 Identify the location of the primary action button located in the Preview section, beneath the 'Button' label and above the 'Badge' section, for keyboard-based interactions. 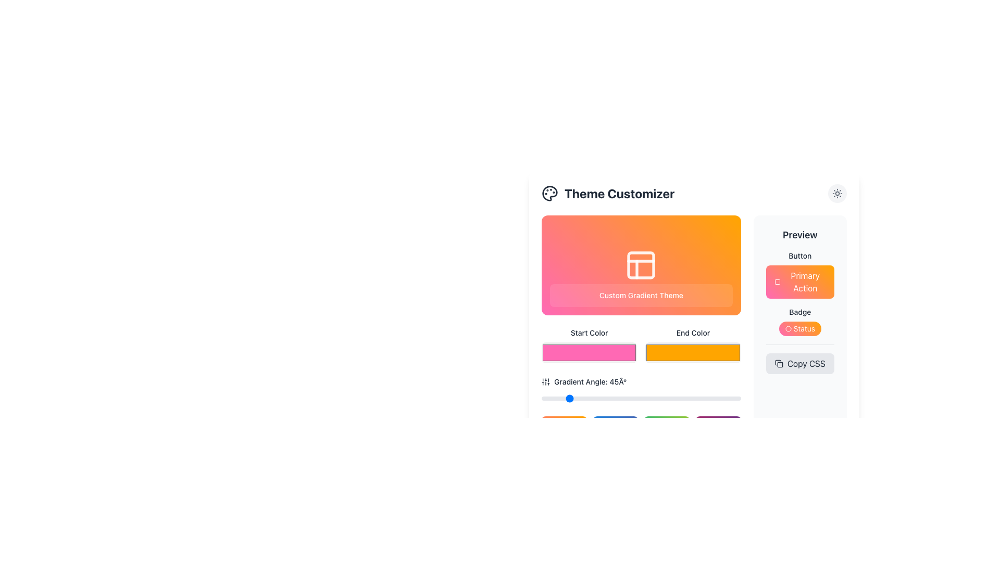
(799, 282).